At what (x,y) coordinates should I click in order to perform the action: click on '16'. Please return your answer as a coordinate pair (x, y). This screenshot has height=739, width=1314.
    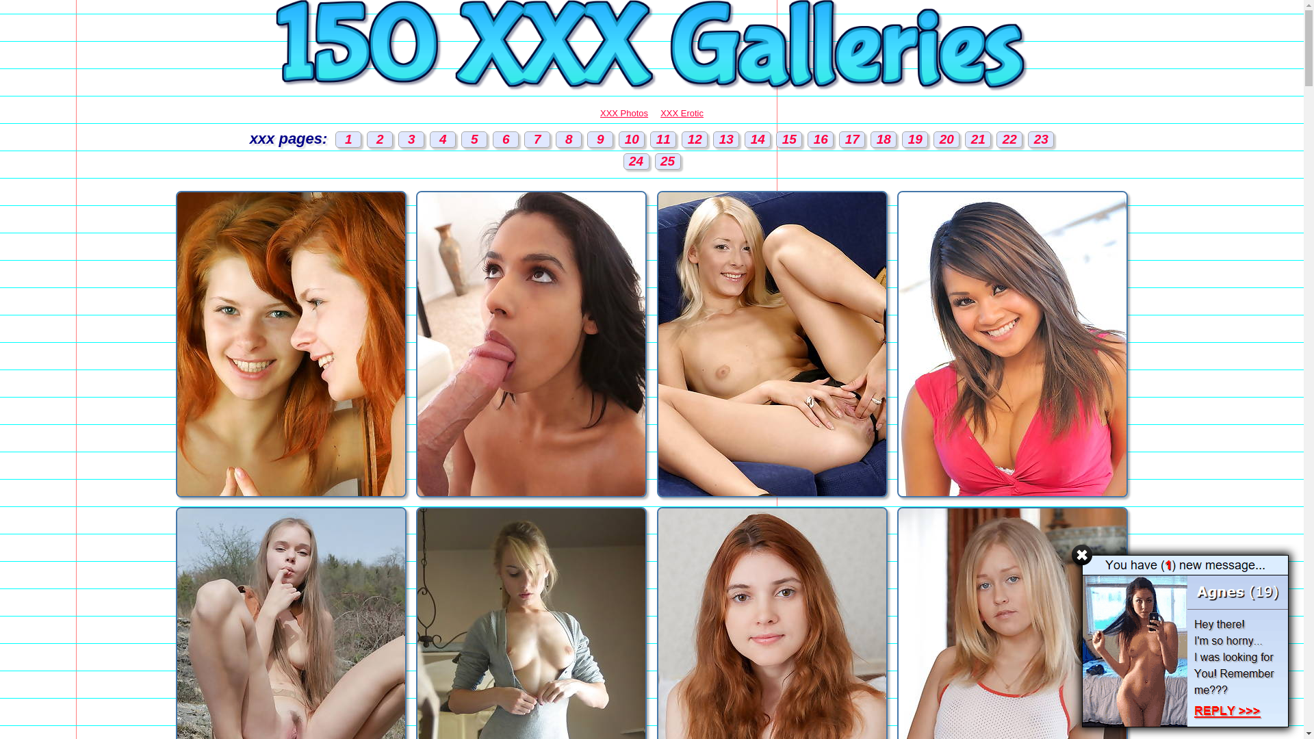
    Looking at the image, I should click on (821, 140).